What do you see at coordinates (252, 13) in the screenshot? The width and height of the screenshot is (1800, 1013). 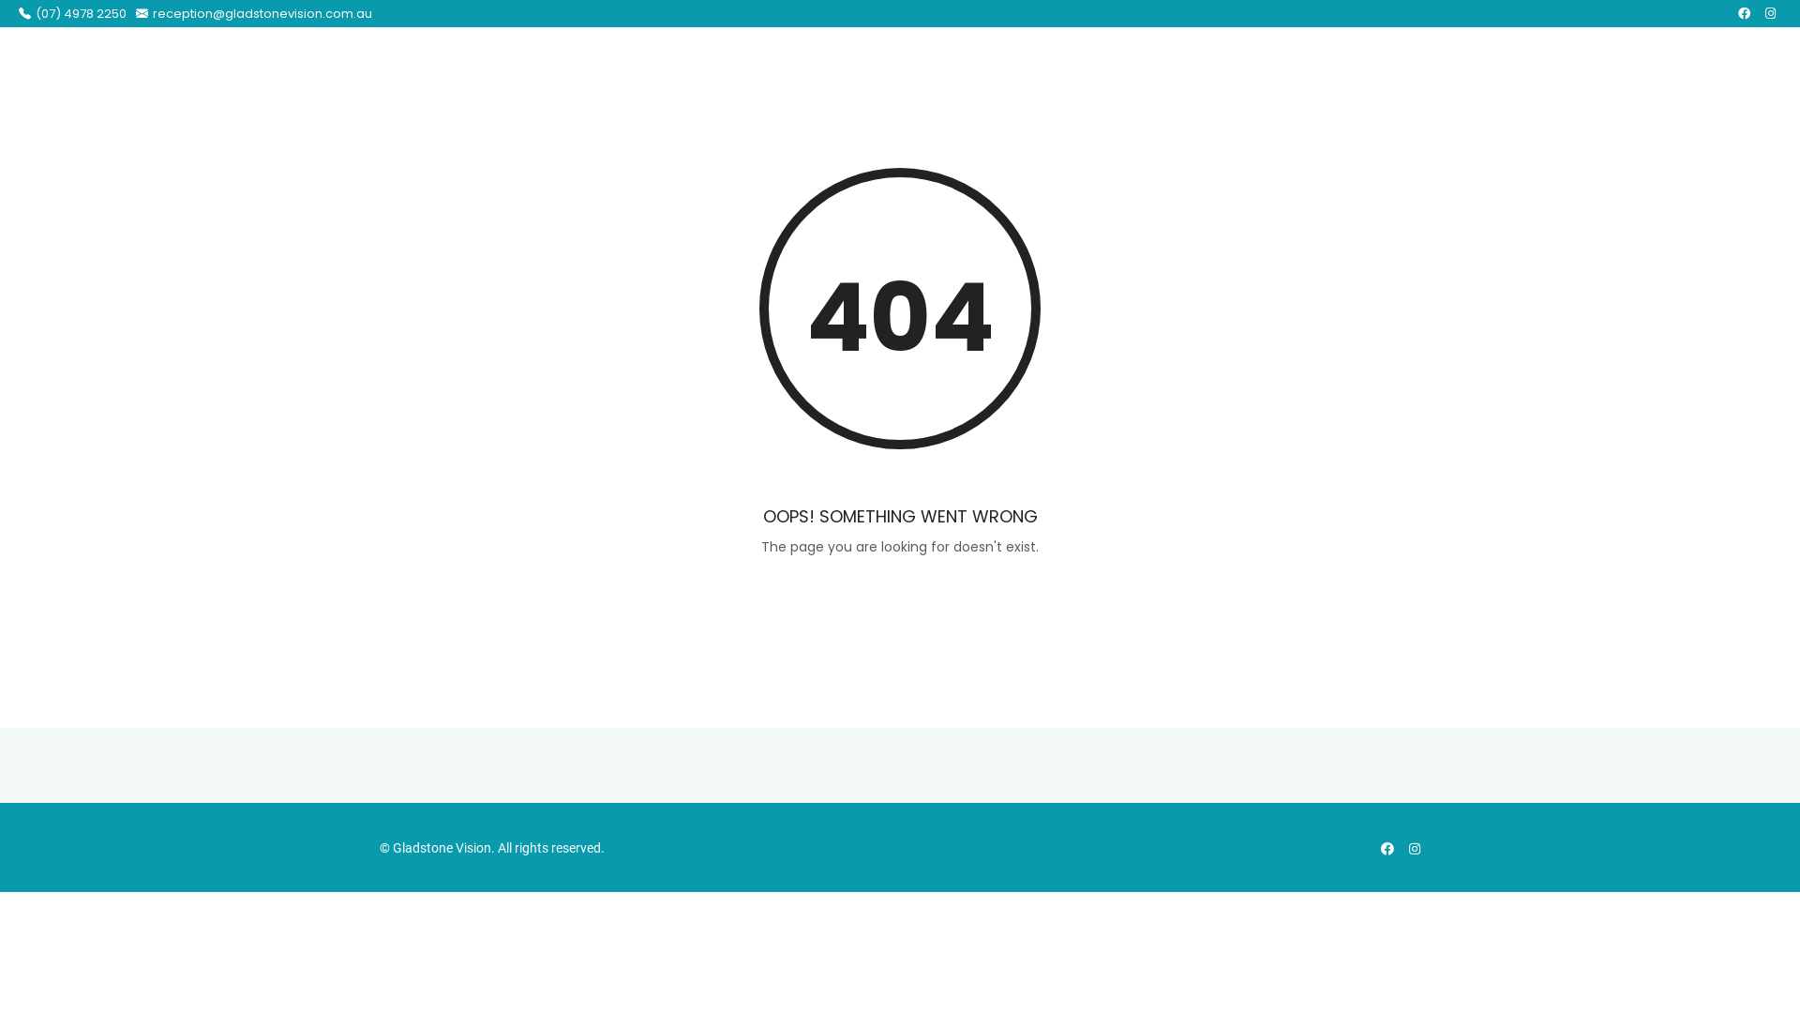 I see `'reception@gladstonevision.com.au'` at bounding box center [252, 13].